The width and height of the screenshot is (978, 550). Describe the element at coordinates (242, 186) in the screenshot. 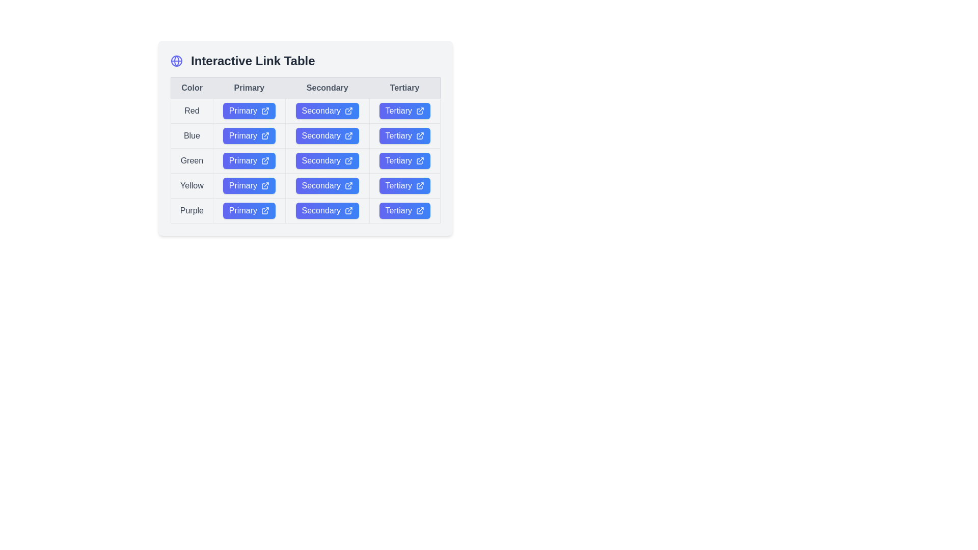

I see `the 'Primary' text label, which is styled in white text against a blue gradient background, located in the 'Primary' column of the interactive link table` at that location.